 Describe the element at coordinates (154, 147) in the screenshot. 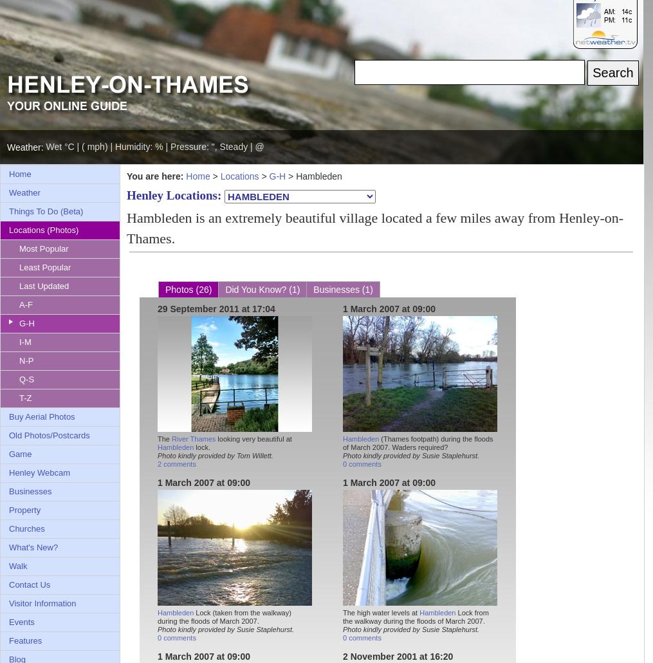

I see `'Wet
				 °C | 
				 ( mph) | 
				Humidity: % | 
				Pressure: ", 
				
					Steady
				
				 |
	   @'` at that location.